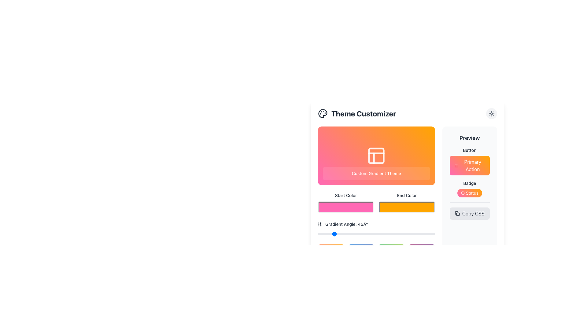 This screenshot has height=330, width=587. Describe the element at coordinates (469, 183) in the screenshot. I see `the Badge element located in the 'Preview' section, which serves as a status indicator or label, positioned between the 'Primary Action' button and the 'Copy CSS' button` at that location.